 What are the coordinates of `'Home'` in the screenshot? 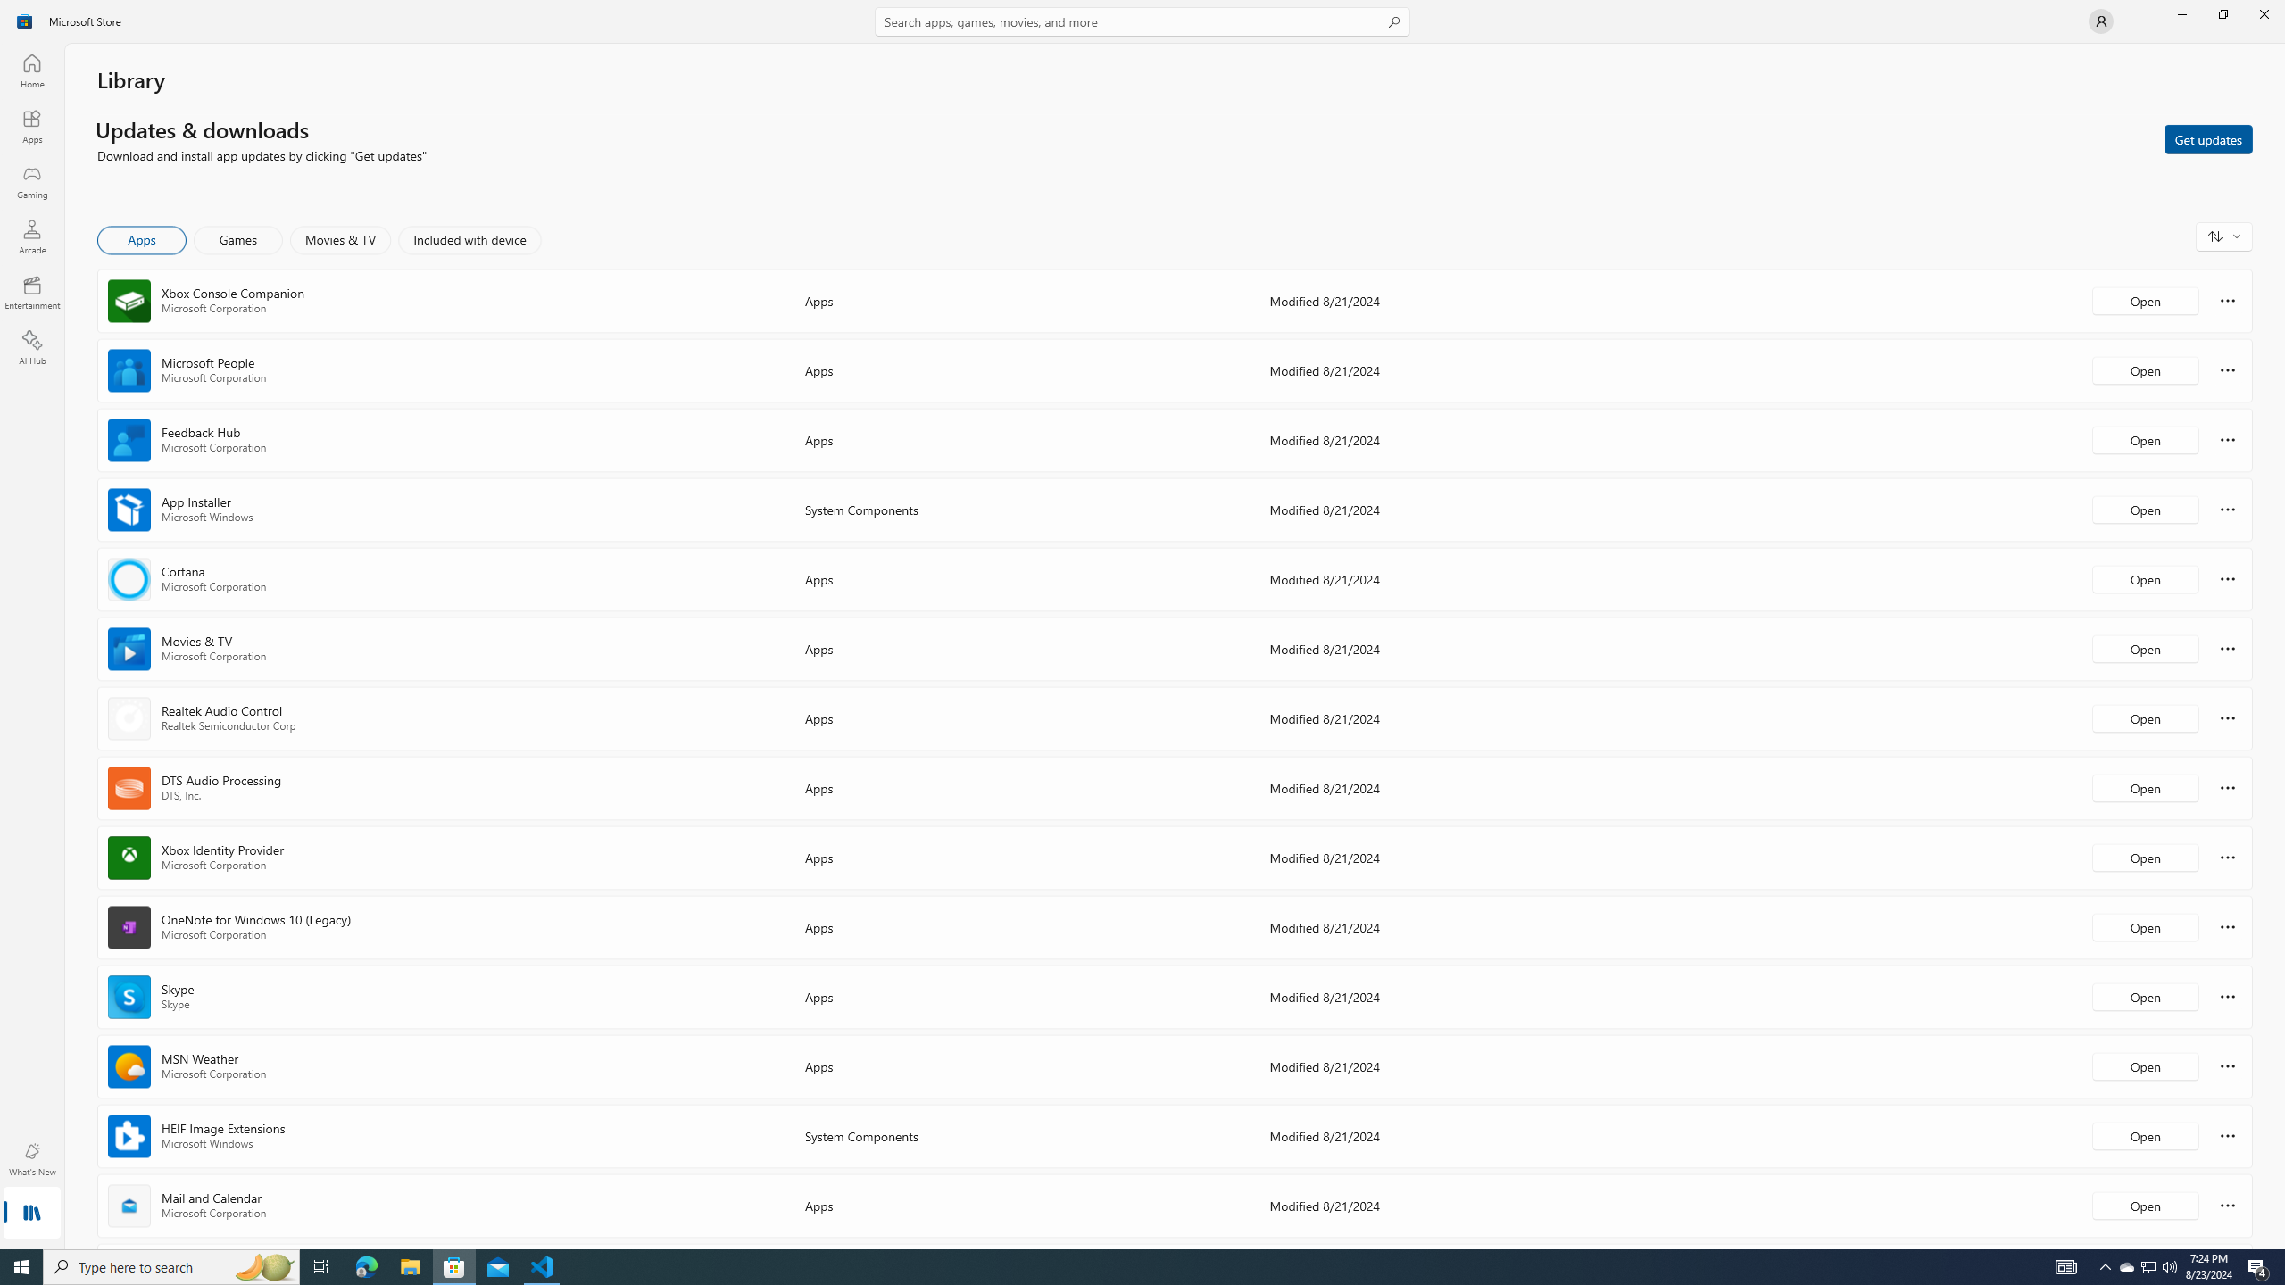 It's located at (30, 70).